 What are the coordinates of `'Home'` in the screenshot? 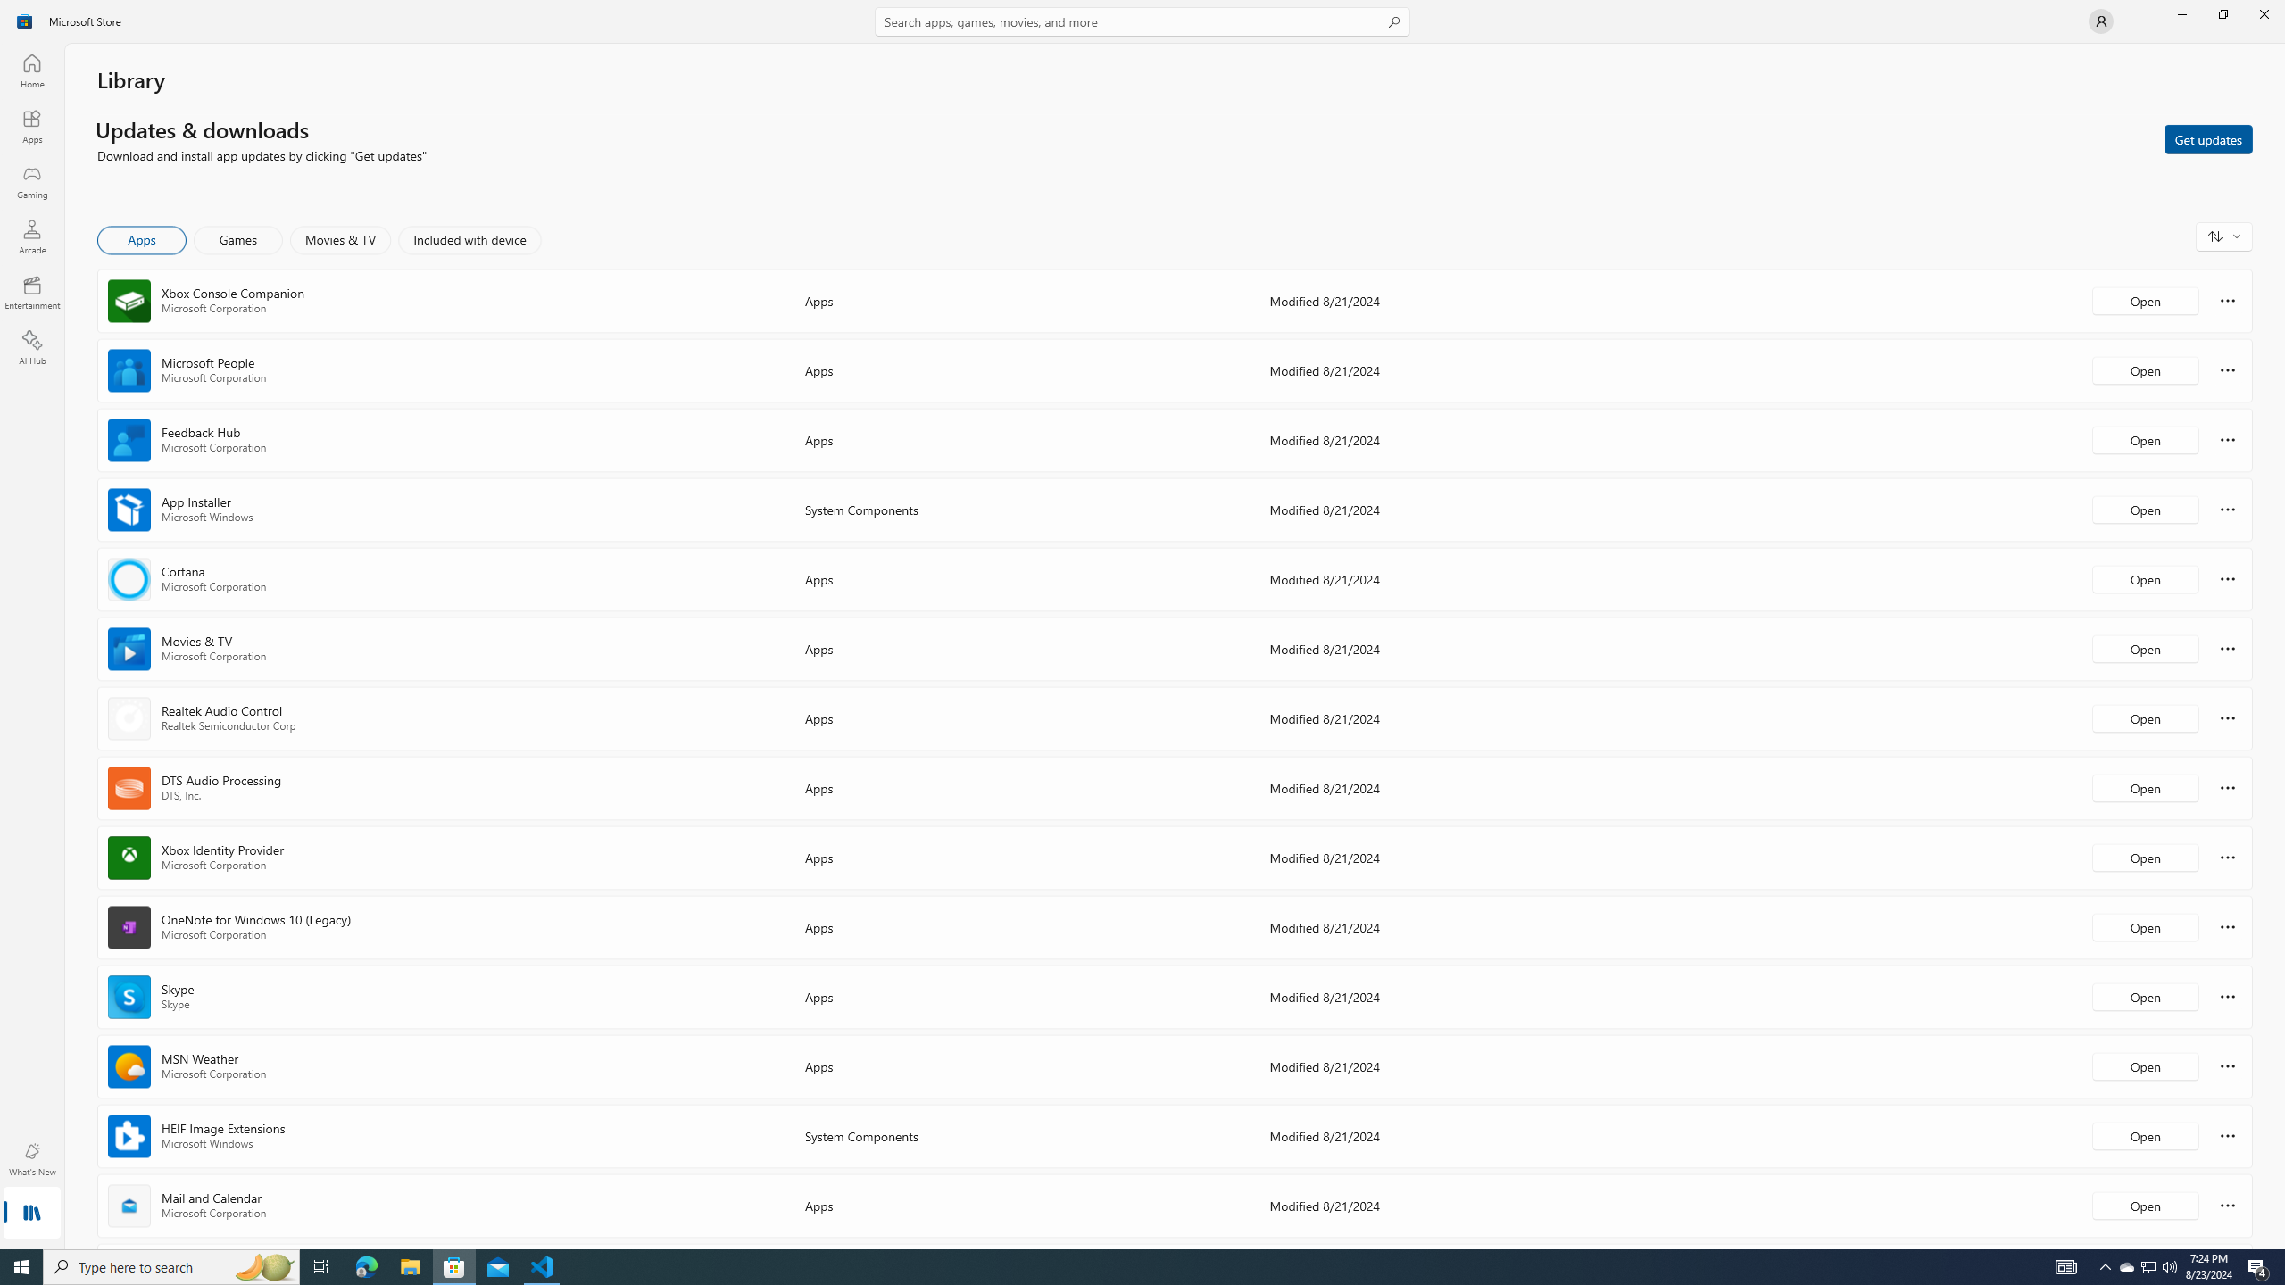 It's located at (30, 70).